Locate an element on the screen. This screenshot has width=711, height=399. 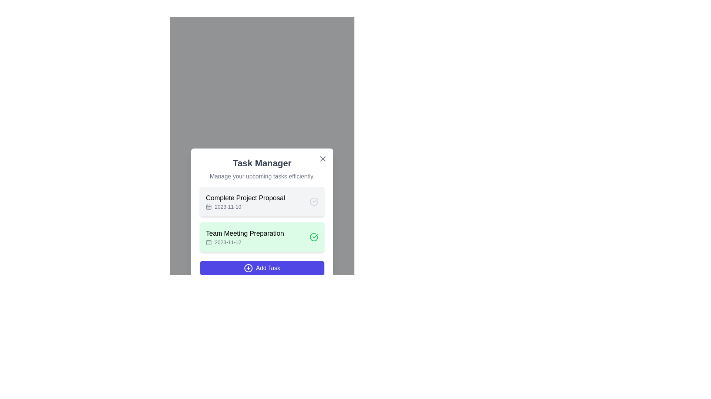
the calendar icon located to the left of the text '2023-11-12' within the second task item labeled 'Team Meeting Preparation' is located at coordinates (208, 242).